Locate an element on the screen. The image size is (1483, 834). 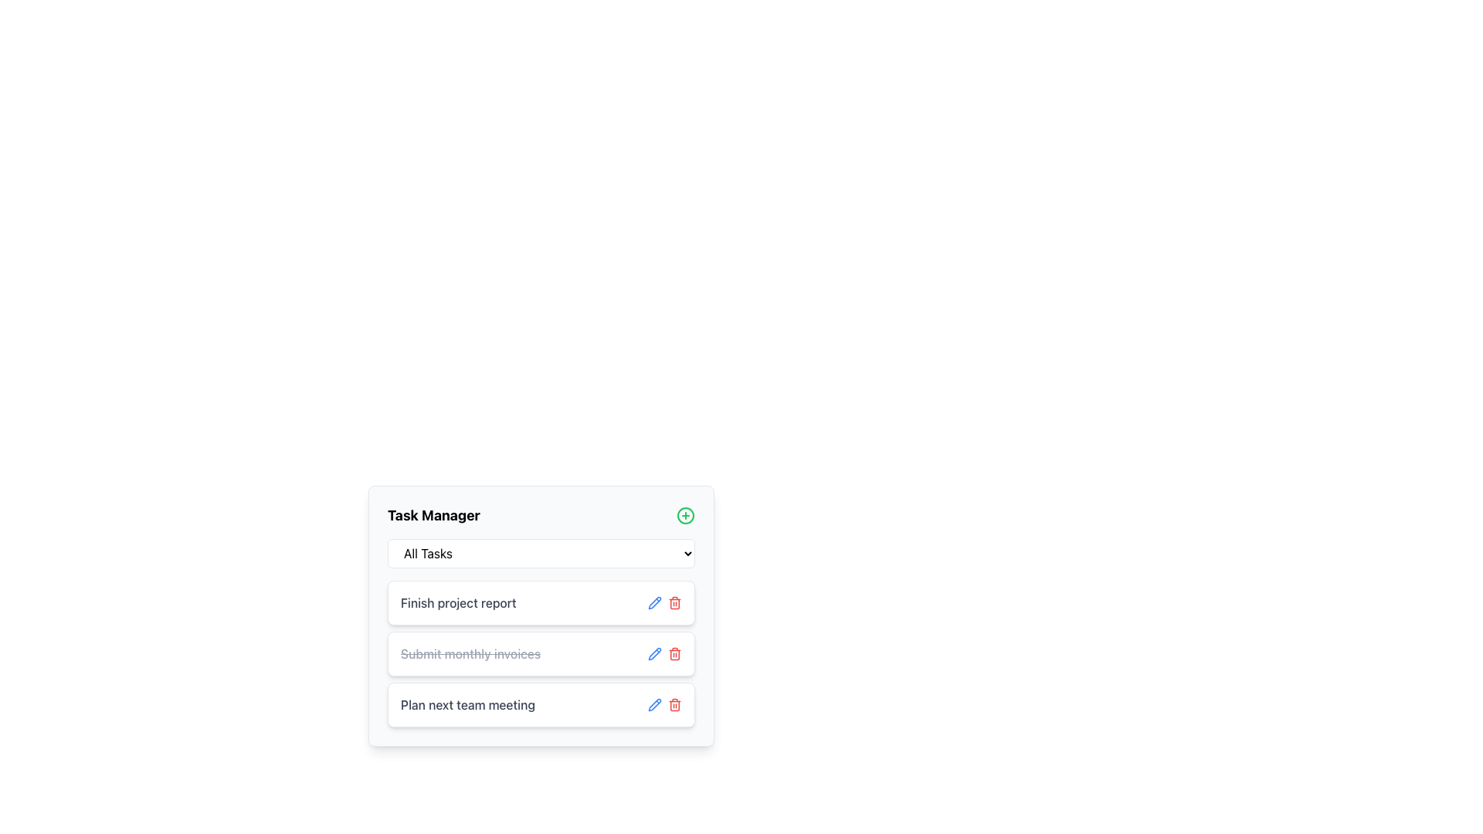
the sub-elements of the task management card located in the middle of the interface, slightly below the top edge, which displays tasks and categories such as 'Task Manager', 'All Tasks', and 'Completed' is located at coordinates (541, 644).